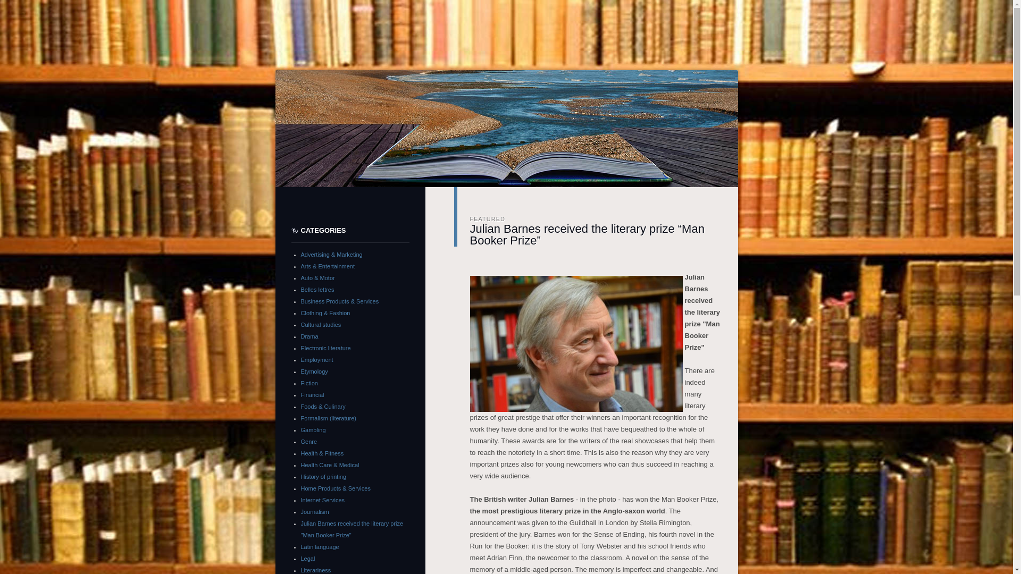 This screenshot has height=574, width=1021. What do you see at coordinates (352, 529) in the screenshot?
I see `'Julian Barnes received the literary prize "Man Booker Prize"'` at bounding box center [352, 529].